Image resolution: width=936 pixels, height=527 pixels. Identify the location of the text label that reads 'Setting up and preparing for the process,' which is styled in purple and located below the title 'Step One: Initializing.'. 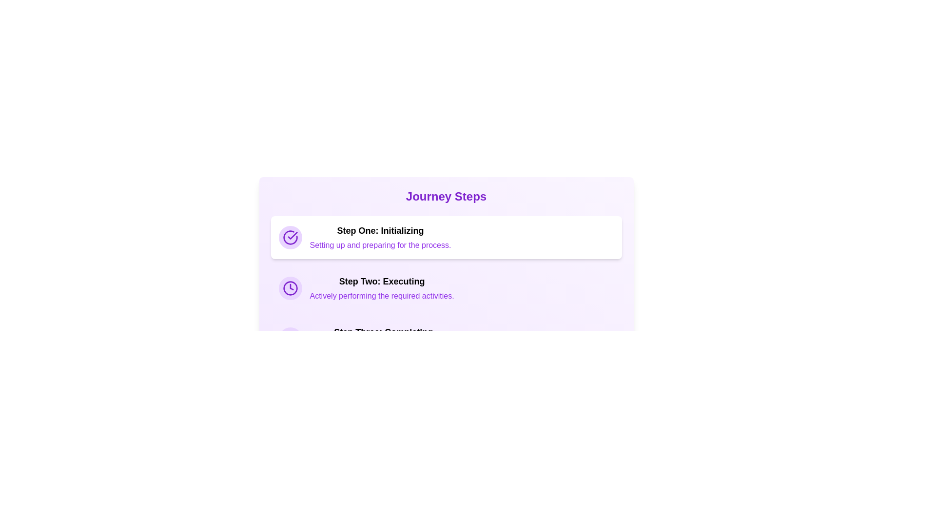
(380, 244).